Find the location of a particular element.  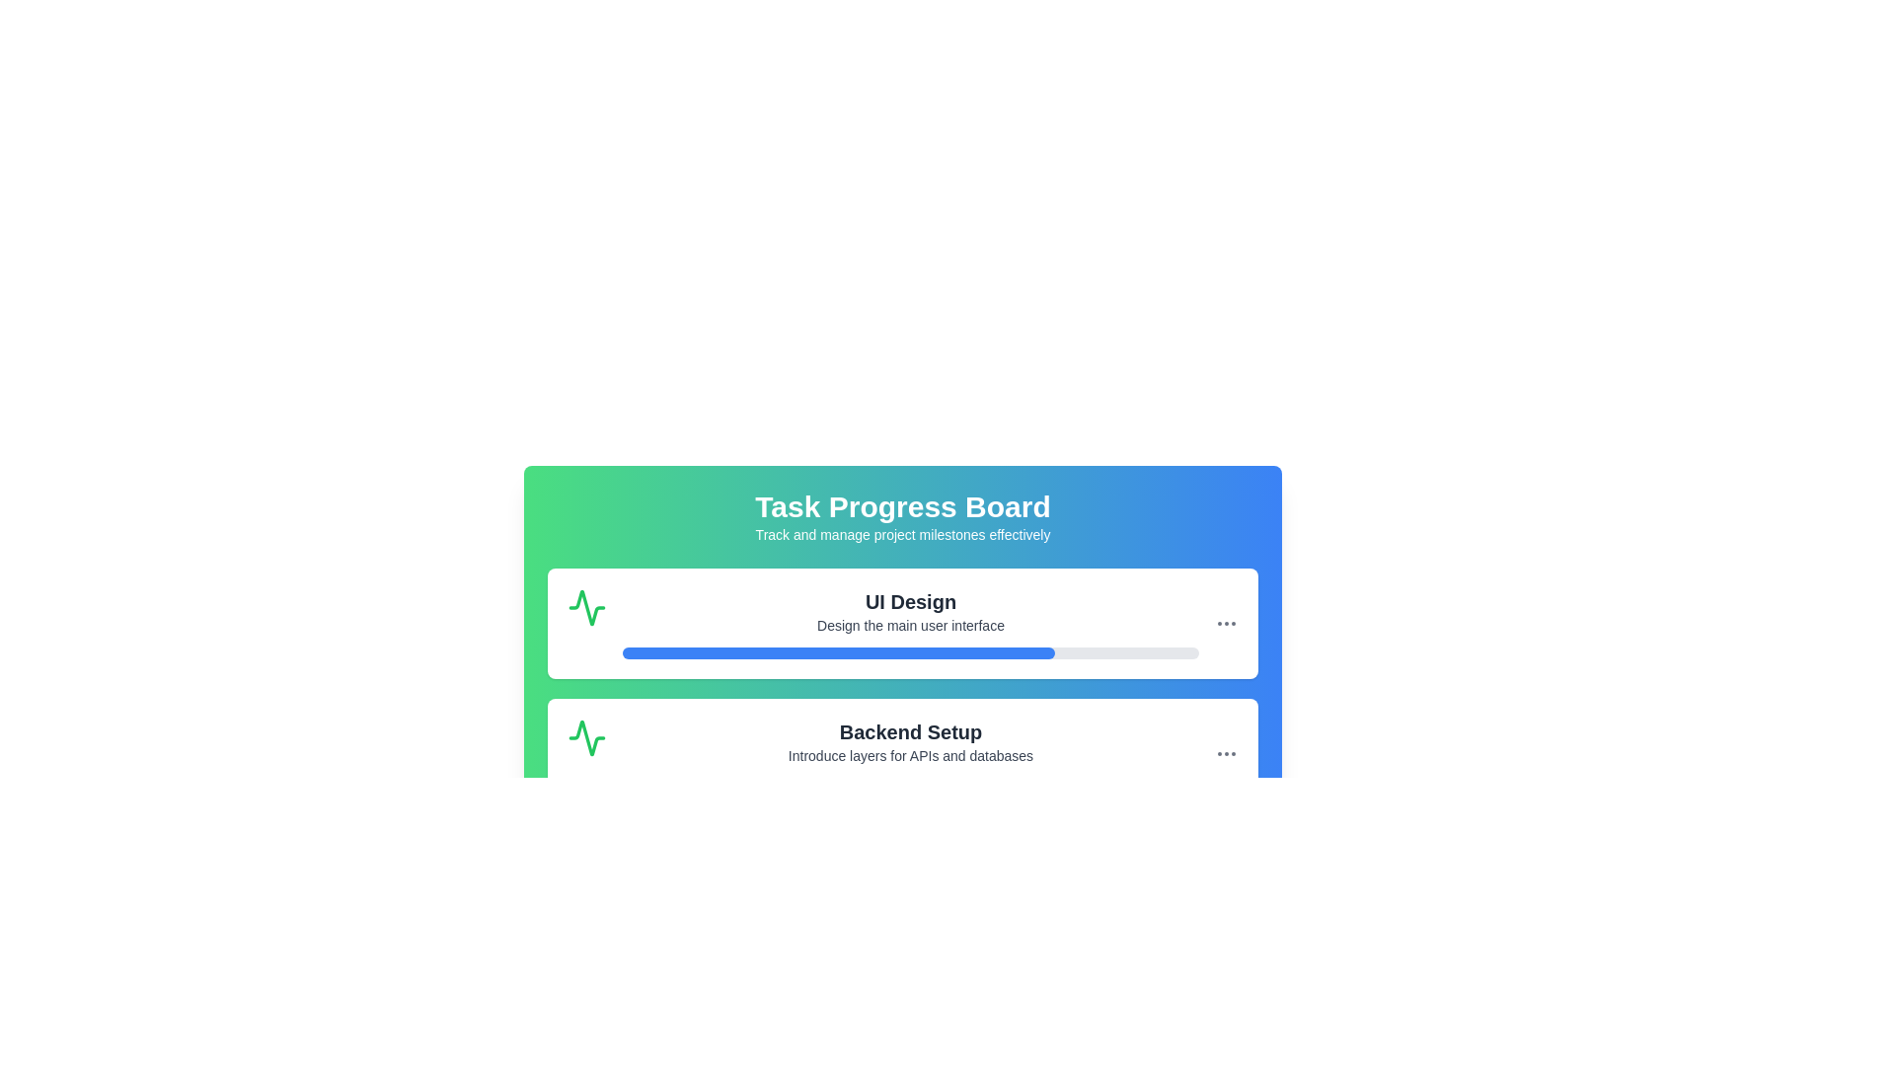

text label displaying 'Track and manage project milestones effectively', which is centrally aligned below the 'Task Progress Board' title and styled in white on a gradient background is located at coordinates (902, 535).